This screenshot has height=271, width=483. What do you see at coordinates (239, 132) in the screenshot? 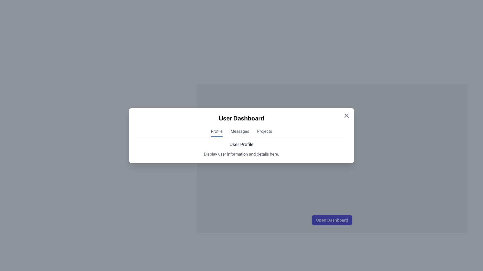
I see `the 'Messages' text label in the navigation bar` at bounding box center [239, 132].